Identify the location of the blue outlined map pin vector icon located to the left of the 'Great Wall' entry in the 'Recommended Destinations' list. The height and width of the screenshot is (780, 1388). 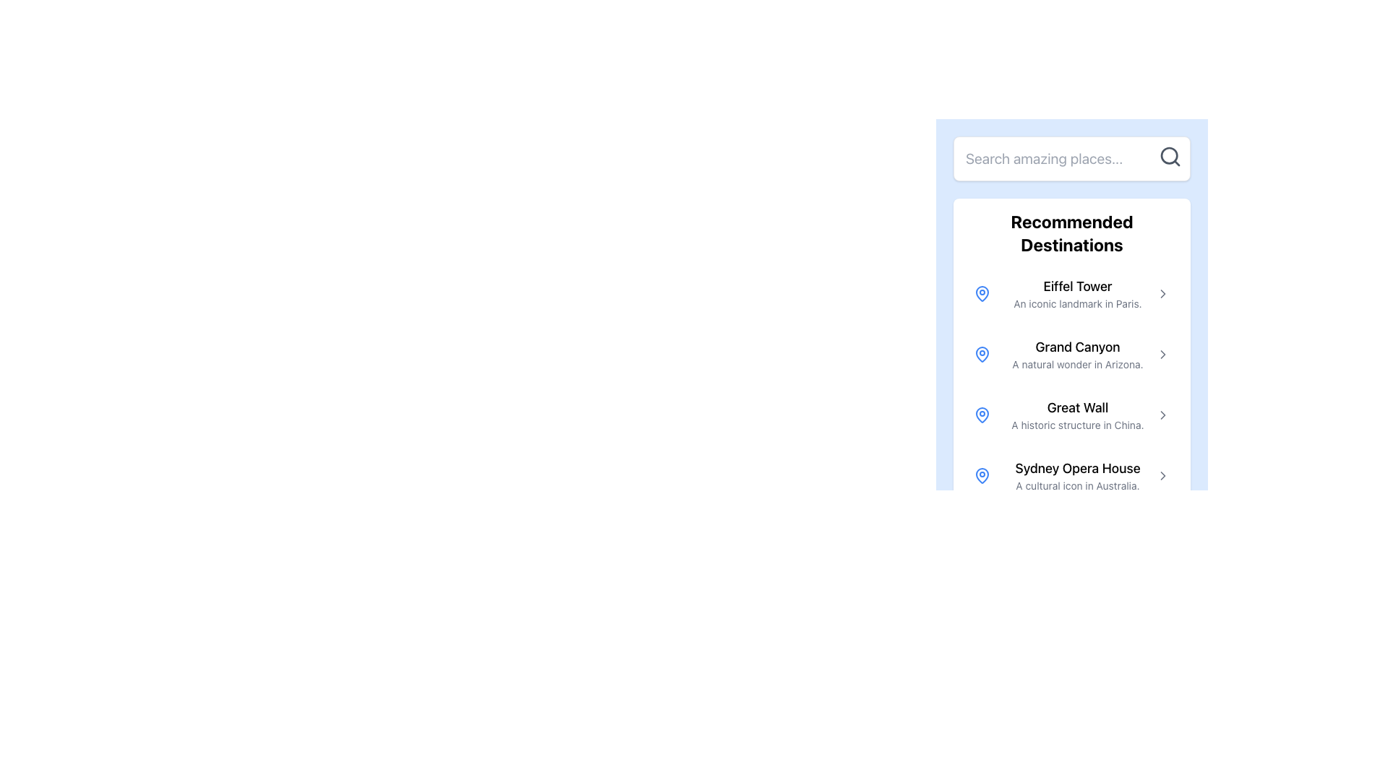
(982, 415).